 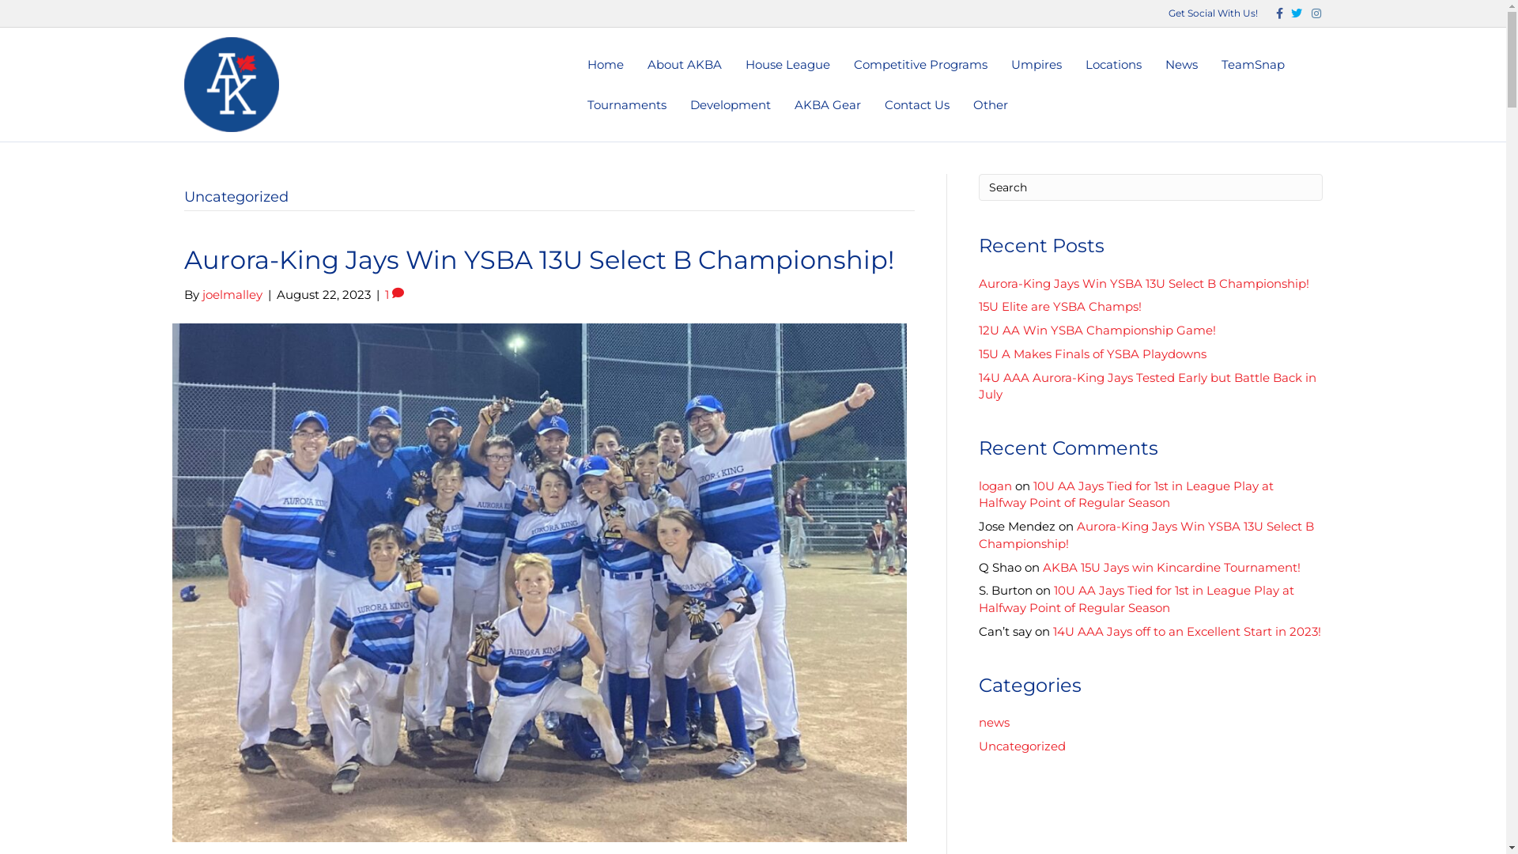 I want to click on 'TeamSnap', so click(x=1252, y=63).